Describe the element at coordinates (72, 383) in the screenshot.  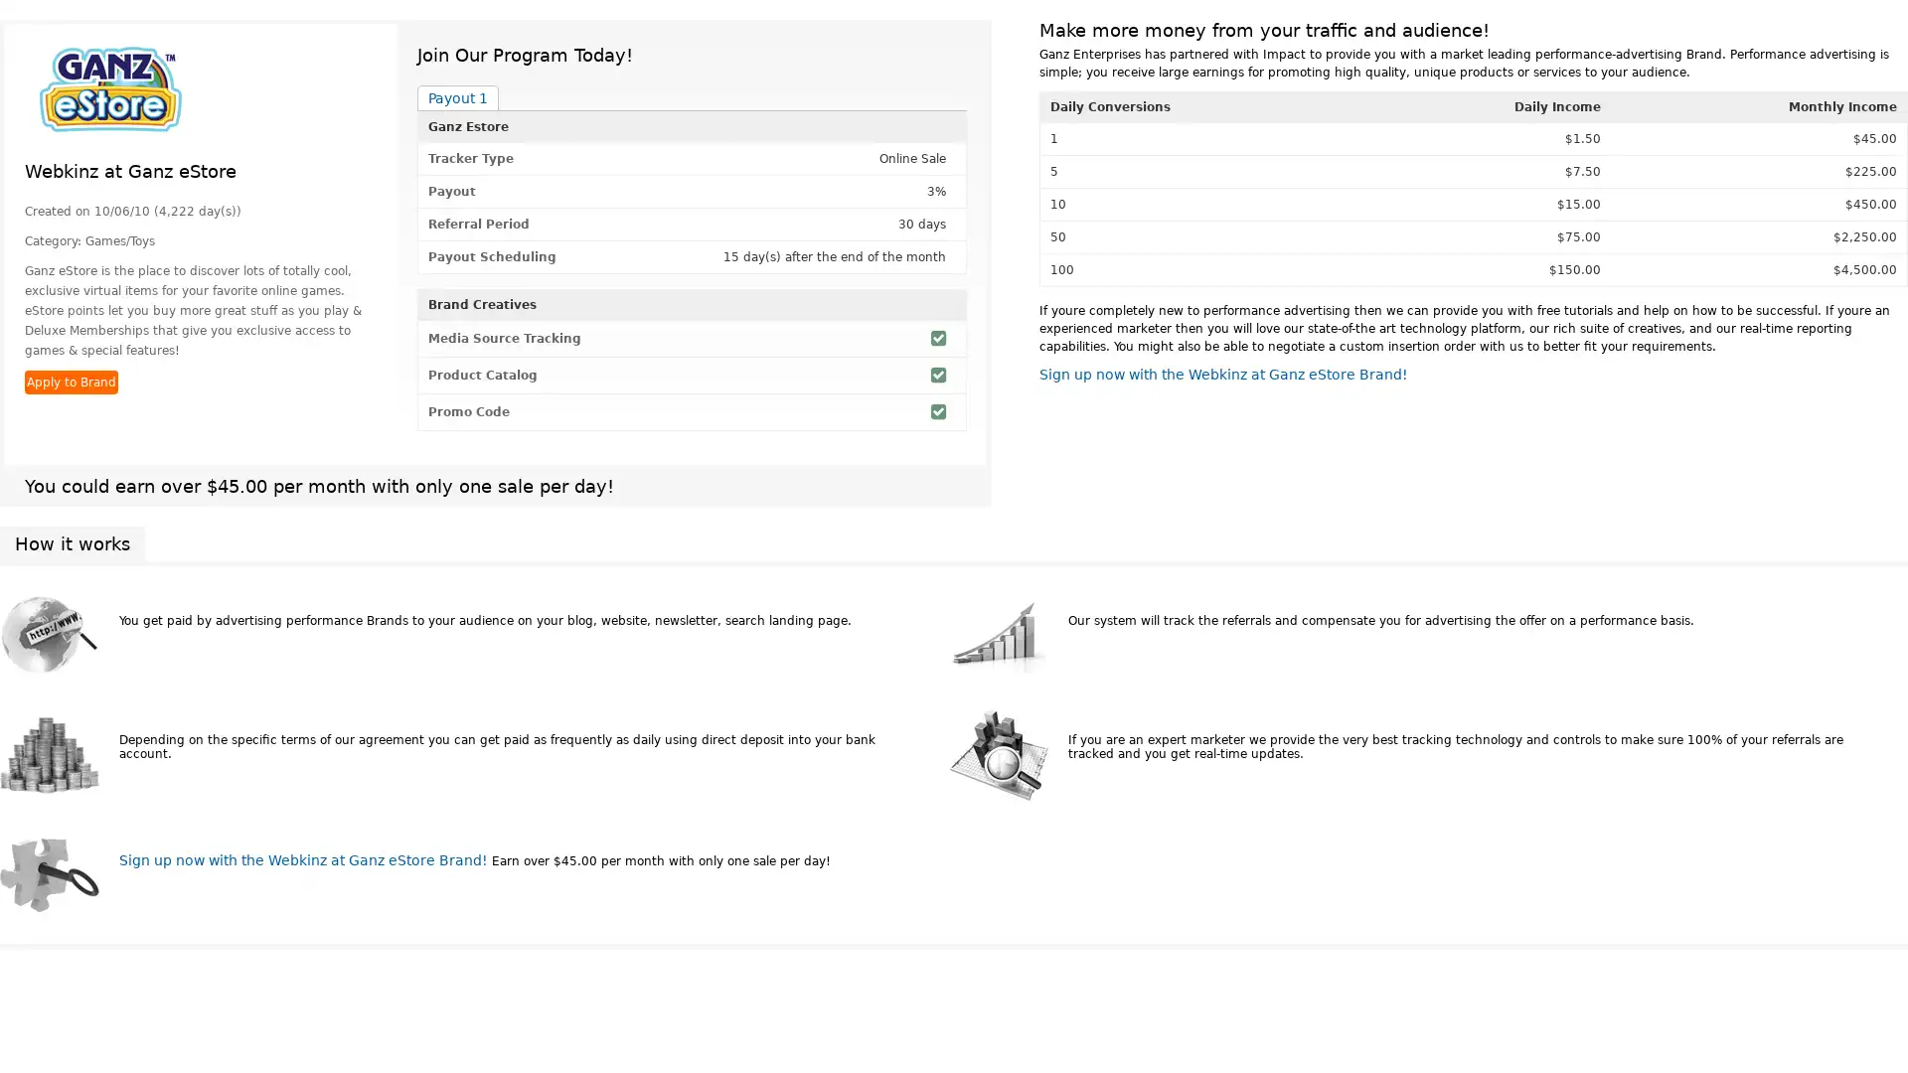
I see `Apply to Brand` at that location.